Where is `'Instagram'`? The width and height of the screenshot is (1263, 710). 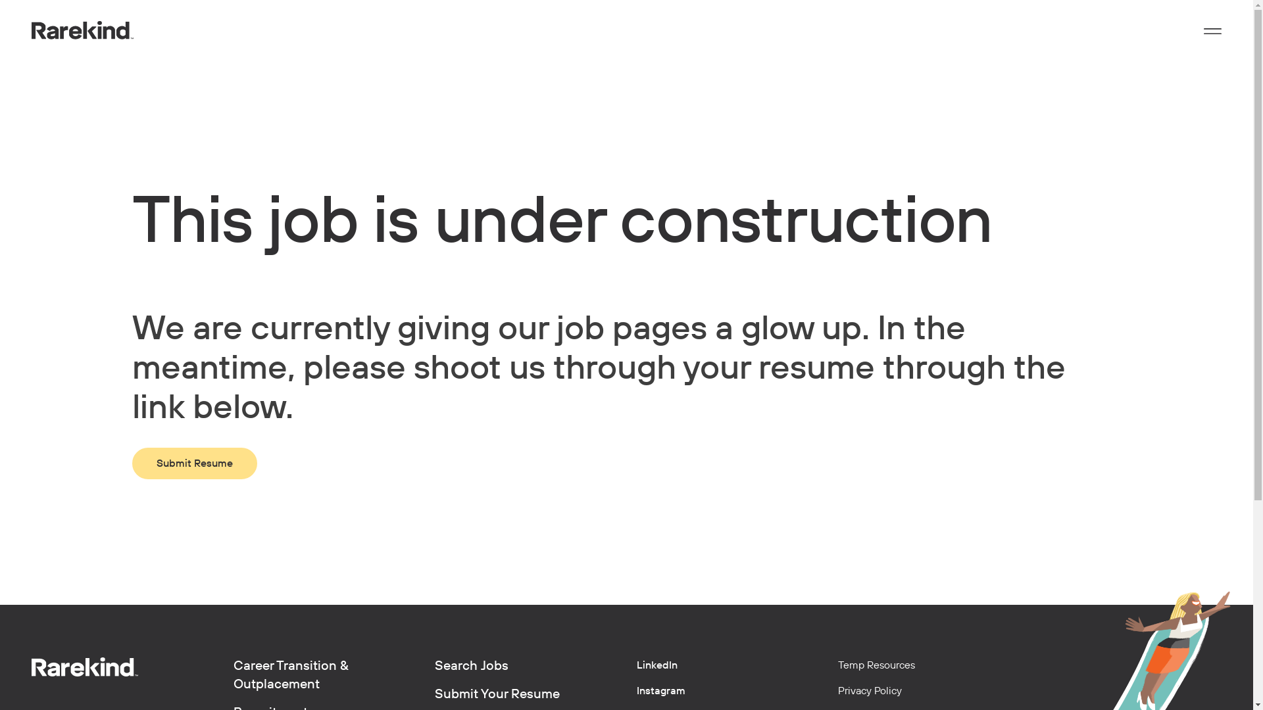 'Instagram' is located at coordinates (637, 690).